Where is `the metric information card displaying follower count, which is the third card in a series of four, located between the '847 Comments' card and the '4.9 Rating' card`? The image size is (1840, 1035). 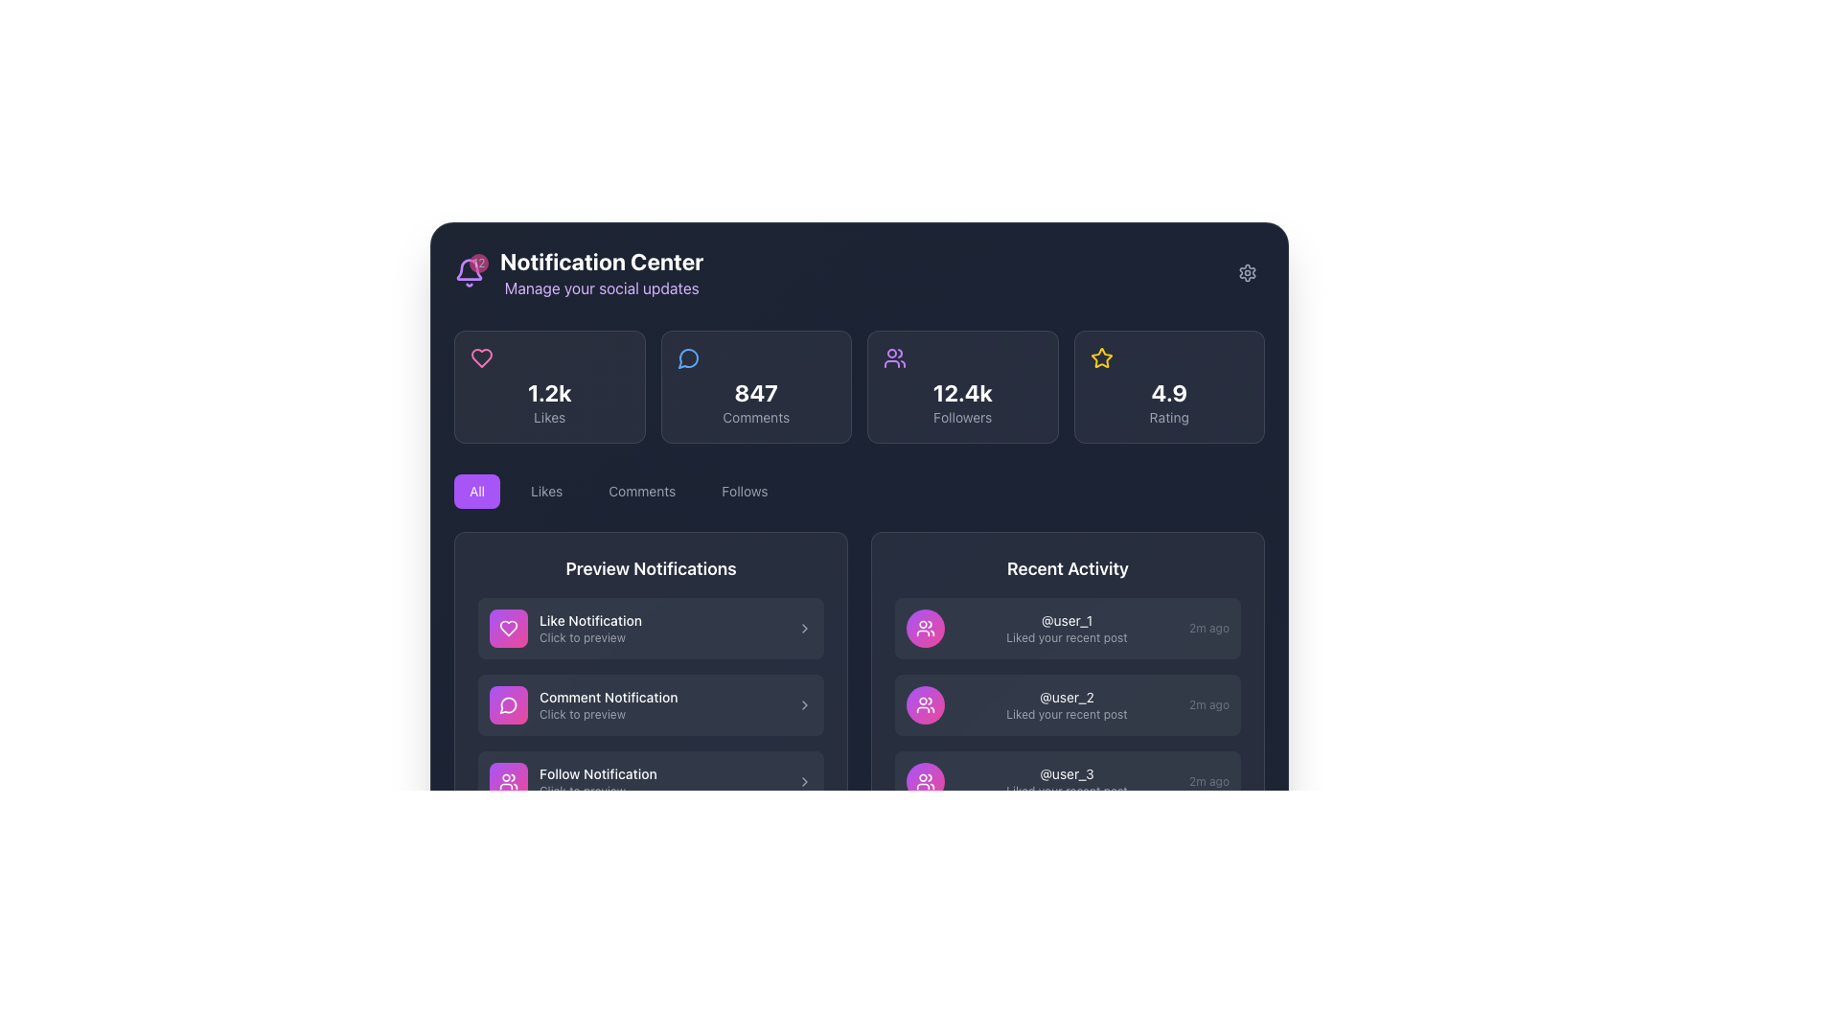
the metric information card displaying follower count, which is the third card in a series of four, located between the '847 Comments' card and the '4.9 Rating' card is located at coordinates (962, 387).